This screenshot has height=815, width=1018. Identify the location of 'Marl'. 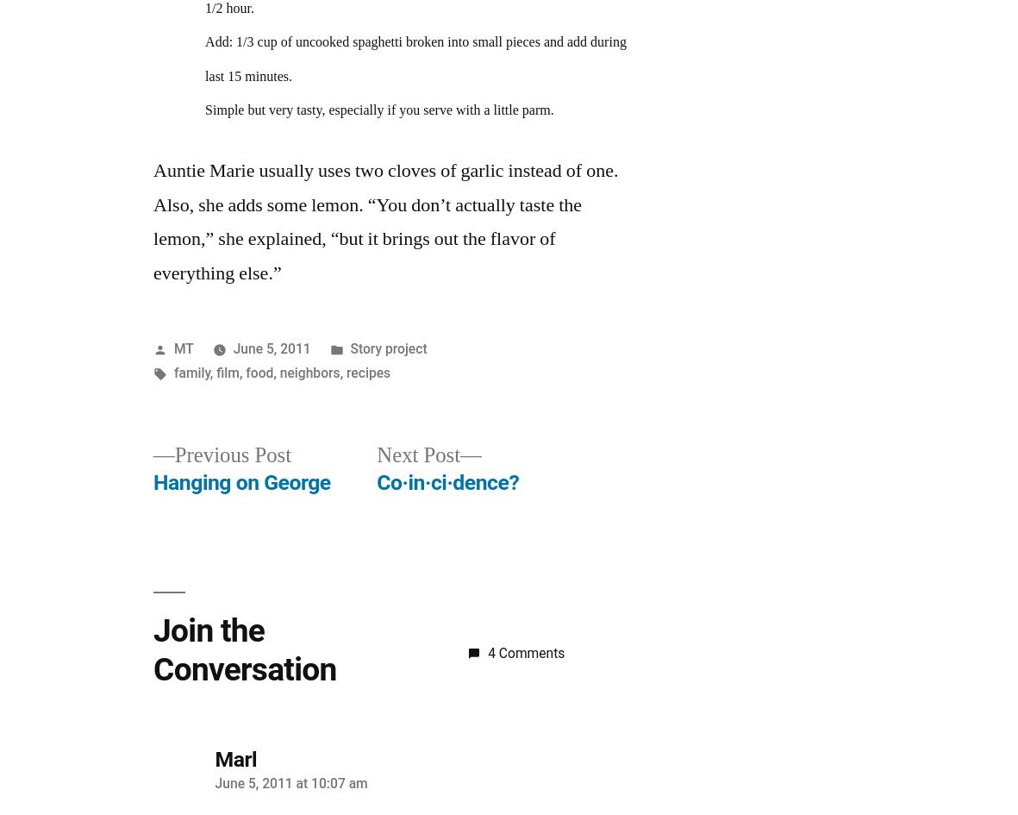
(234, 757).